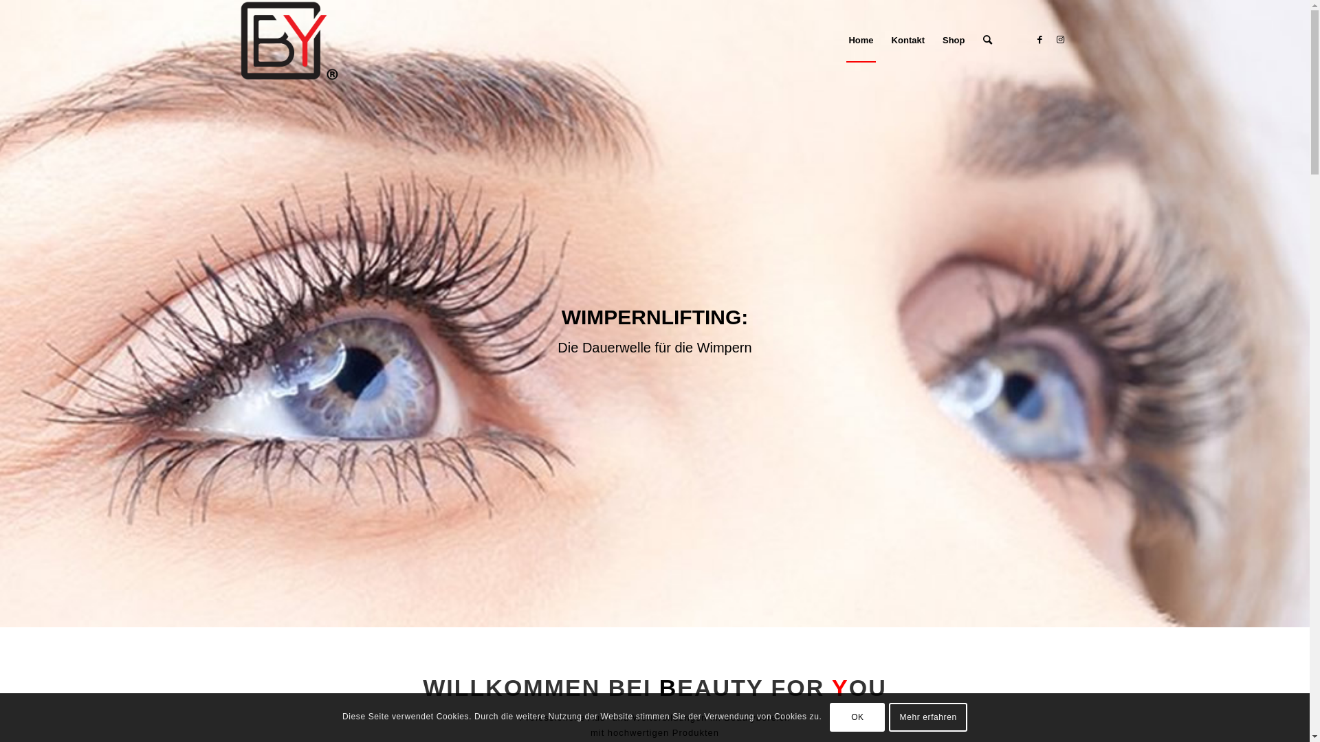  Describe the element at coordinates (927, 717) in the screenshot. I see `'Mehr erfahren'` at that location.